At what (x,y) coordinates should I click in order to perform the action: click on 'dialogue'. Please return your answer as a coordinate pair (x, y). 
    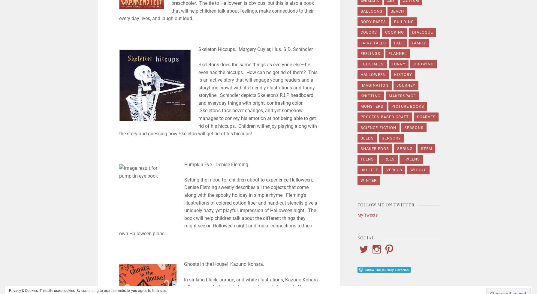
    Looking at the image, I should click on (422, 32).